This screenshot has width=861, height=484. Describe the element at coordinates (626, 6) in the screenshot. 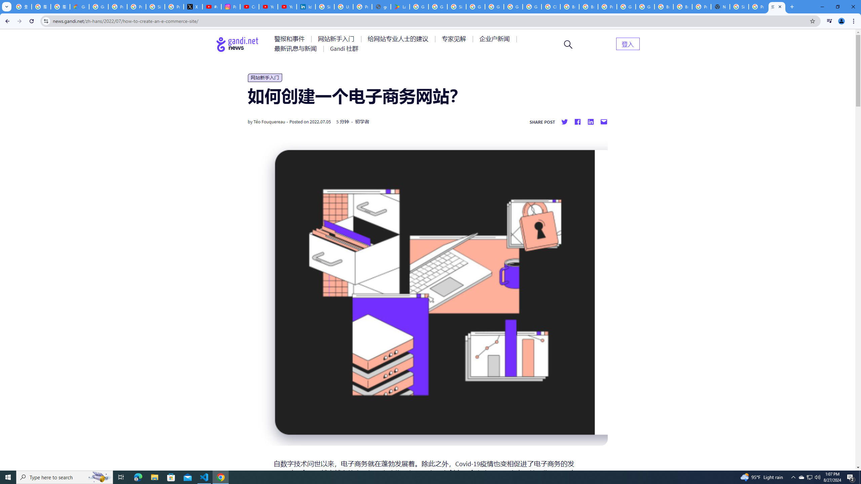

I see `'Google Cloud Platform'` at that location.